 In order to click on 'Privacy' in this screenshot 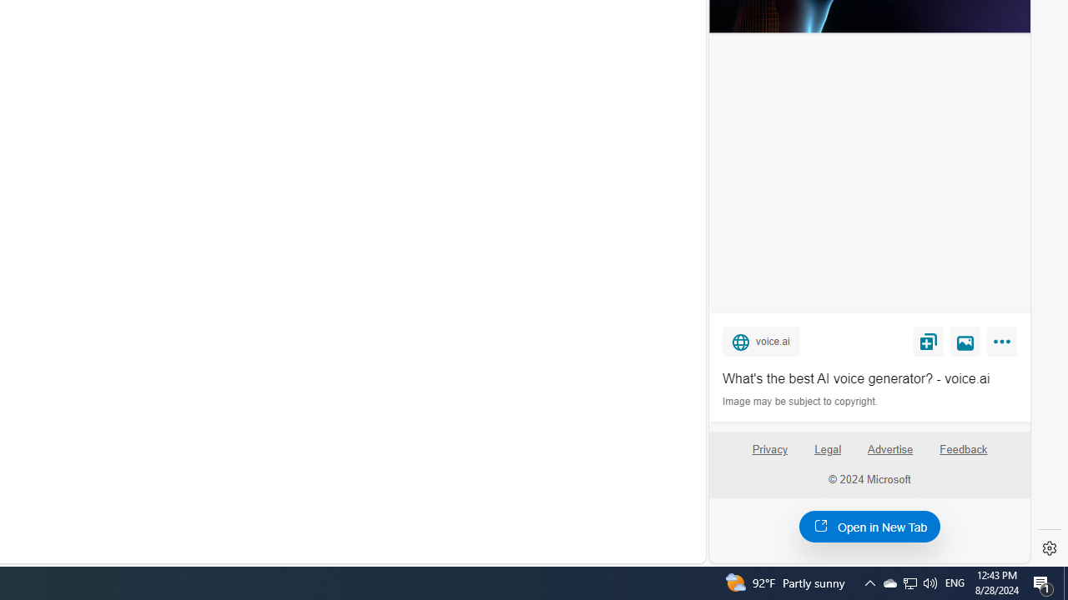, I will do `click(768, 448)`.